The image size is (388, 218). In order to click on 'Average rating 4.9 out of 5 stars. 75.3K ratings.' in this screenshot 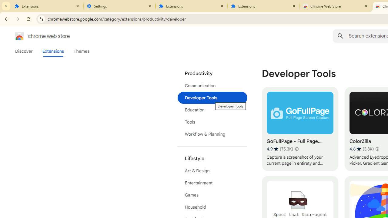, I will do `click(279, 149)`.